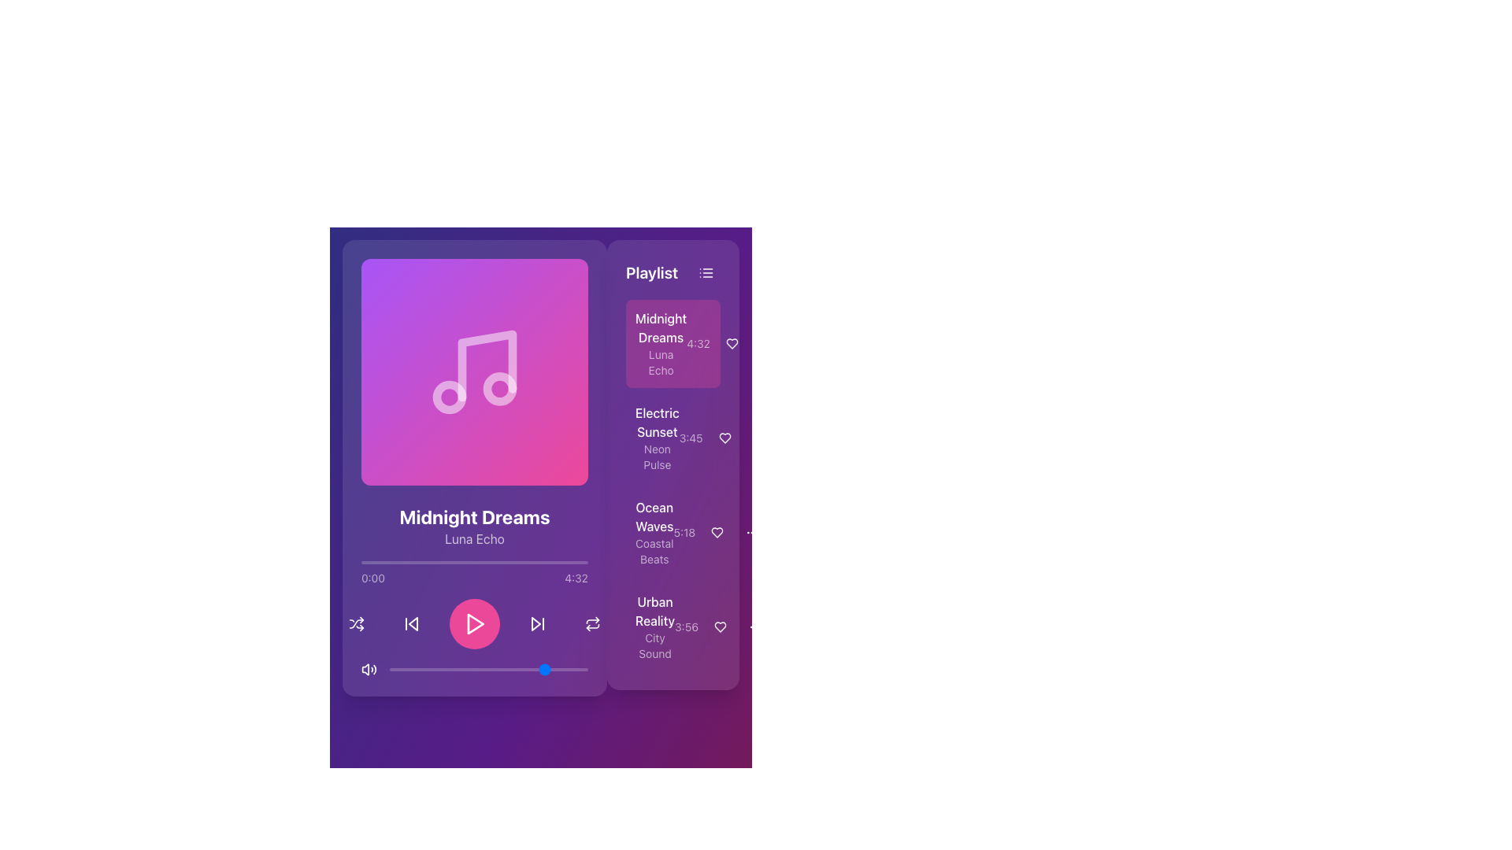 The image size is (1512, 850). Describe the element at coordinates (657, 438) in the screenshot. I see `the list item displaying 'Electric Sunset' and 'Neon Pulse'` at that location.